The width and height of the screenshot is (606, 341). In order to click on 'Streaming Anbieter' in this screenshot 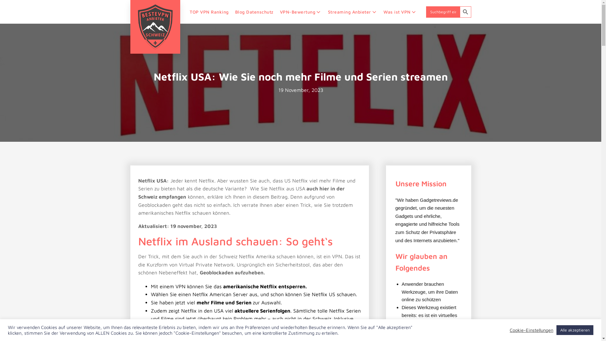, I will do `click(352, 12)`.